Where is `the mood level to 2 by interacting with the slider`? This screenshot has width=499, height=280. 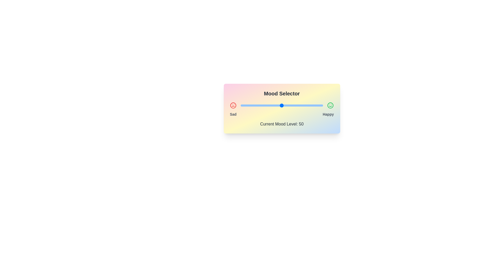
the mood level to 2 by interacting with the slider is located at coordinates (242, 105).